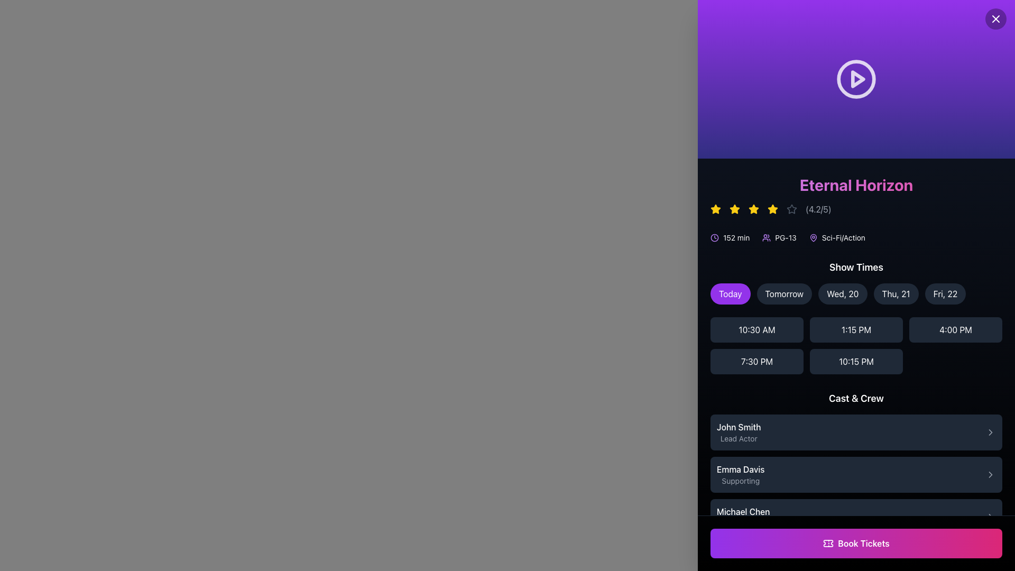 This screenshot has width=1015, height=571. What do you see at coordinates (740, 474) in the screenshot?
I see `Text label displaying the name and role of the second cast member in the 'Cast & Crew' section, located between 'John Smith' and 'Michael Chen'` at bounding box center [740, 474].